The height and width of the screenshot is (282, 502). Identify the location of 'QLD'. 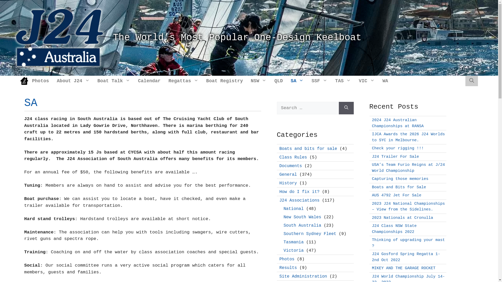
(278, 81).